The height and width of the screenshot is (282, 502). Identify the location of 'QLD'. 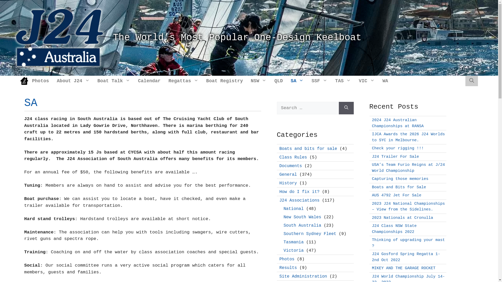
(278, 81).